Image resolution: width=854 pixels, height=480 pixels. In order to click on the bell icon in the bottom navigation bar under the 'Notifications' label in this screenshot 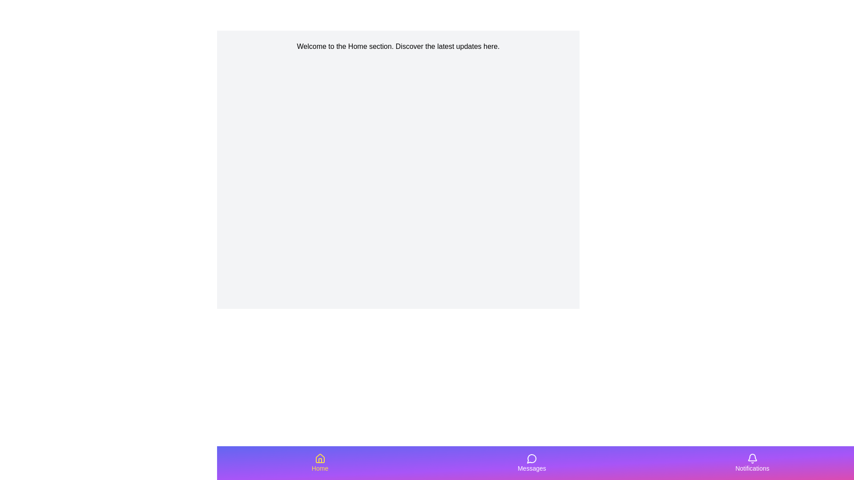, I will do `click(751, 459)`.